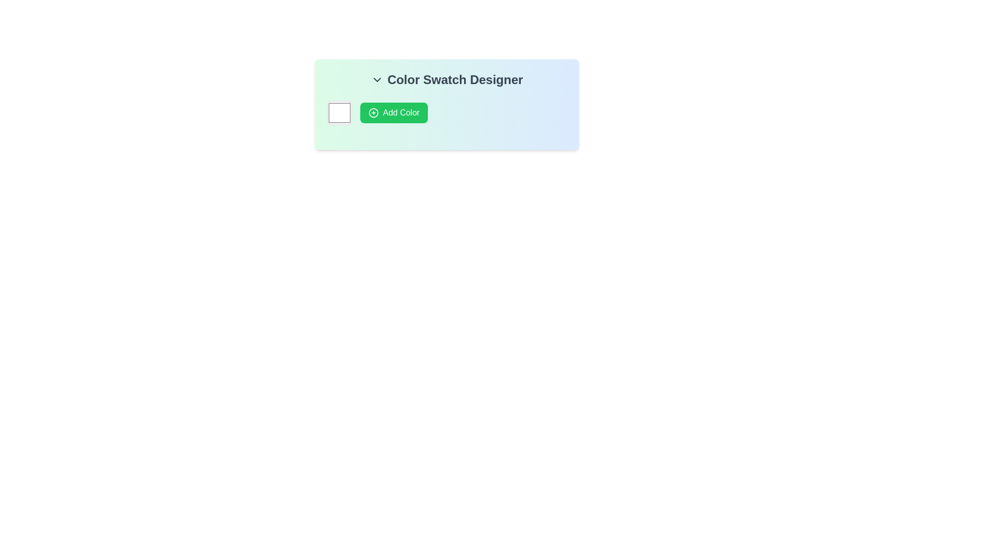  Describe the element at coordinates (373, 113) in the screenshot. I see `the circular plus icon embedded in the 'Add Color' button` at that location.